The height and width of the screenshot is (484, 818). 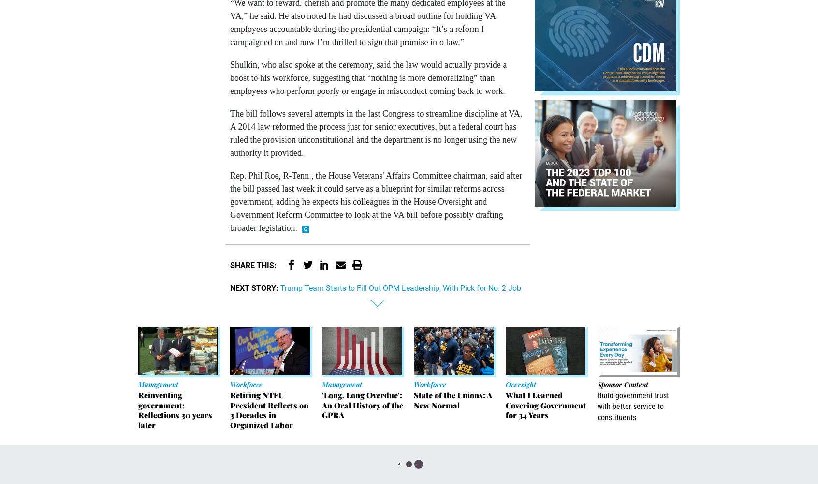 I want to click on 'State of the Unions: A New Normal', so click(x=453, y=399).